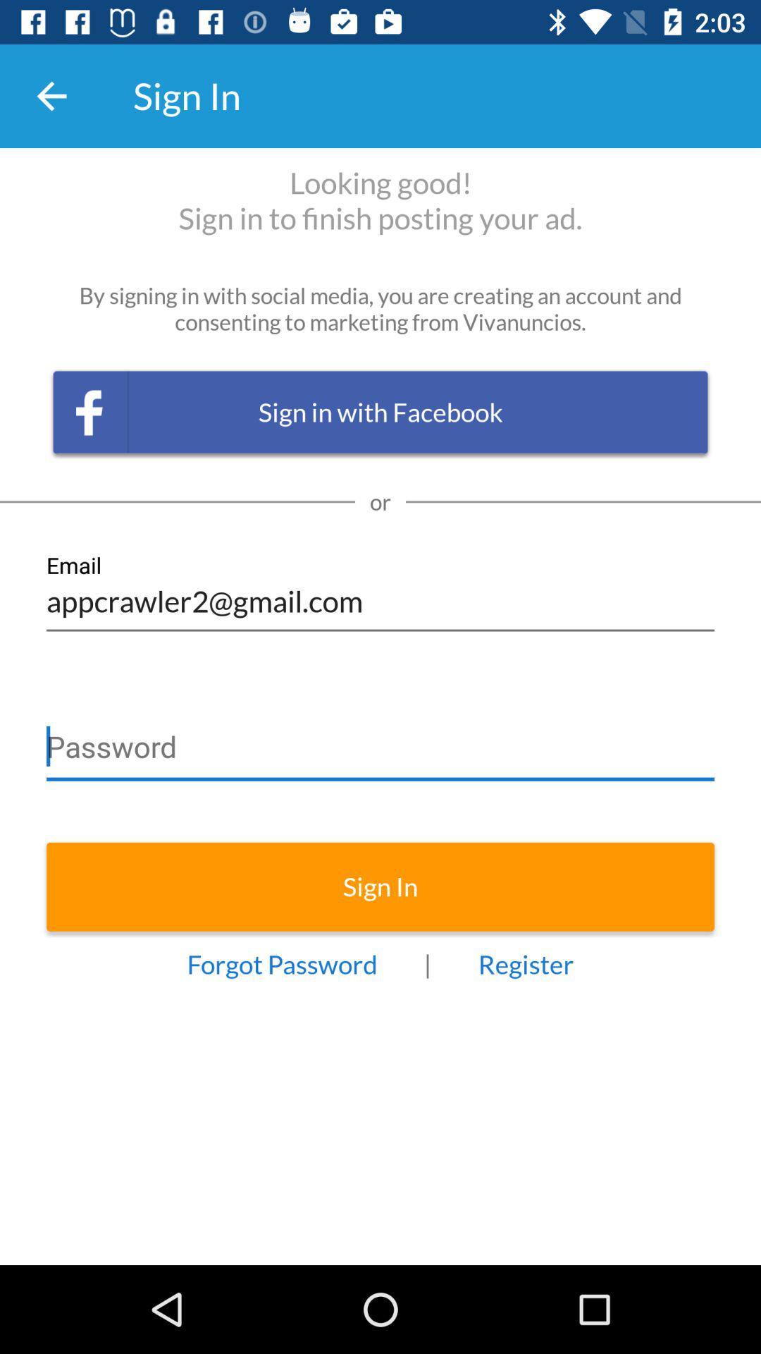 This screenshot has width=761, height=1354. What do you see at coordinates (526, 963) in the screenshot?
I see `the register icon` at bounding box center [526, 963].